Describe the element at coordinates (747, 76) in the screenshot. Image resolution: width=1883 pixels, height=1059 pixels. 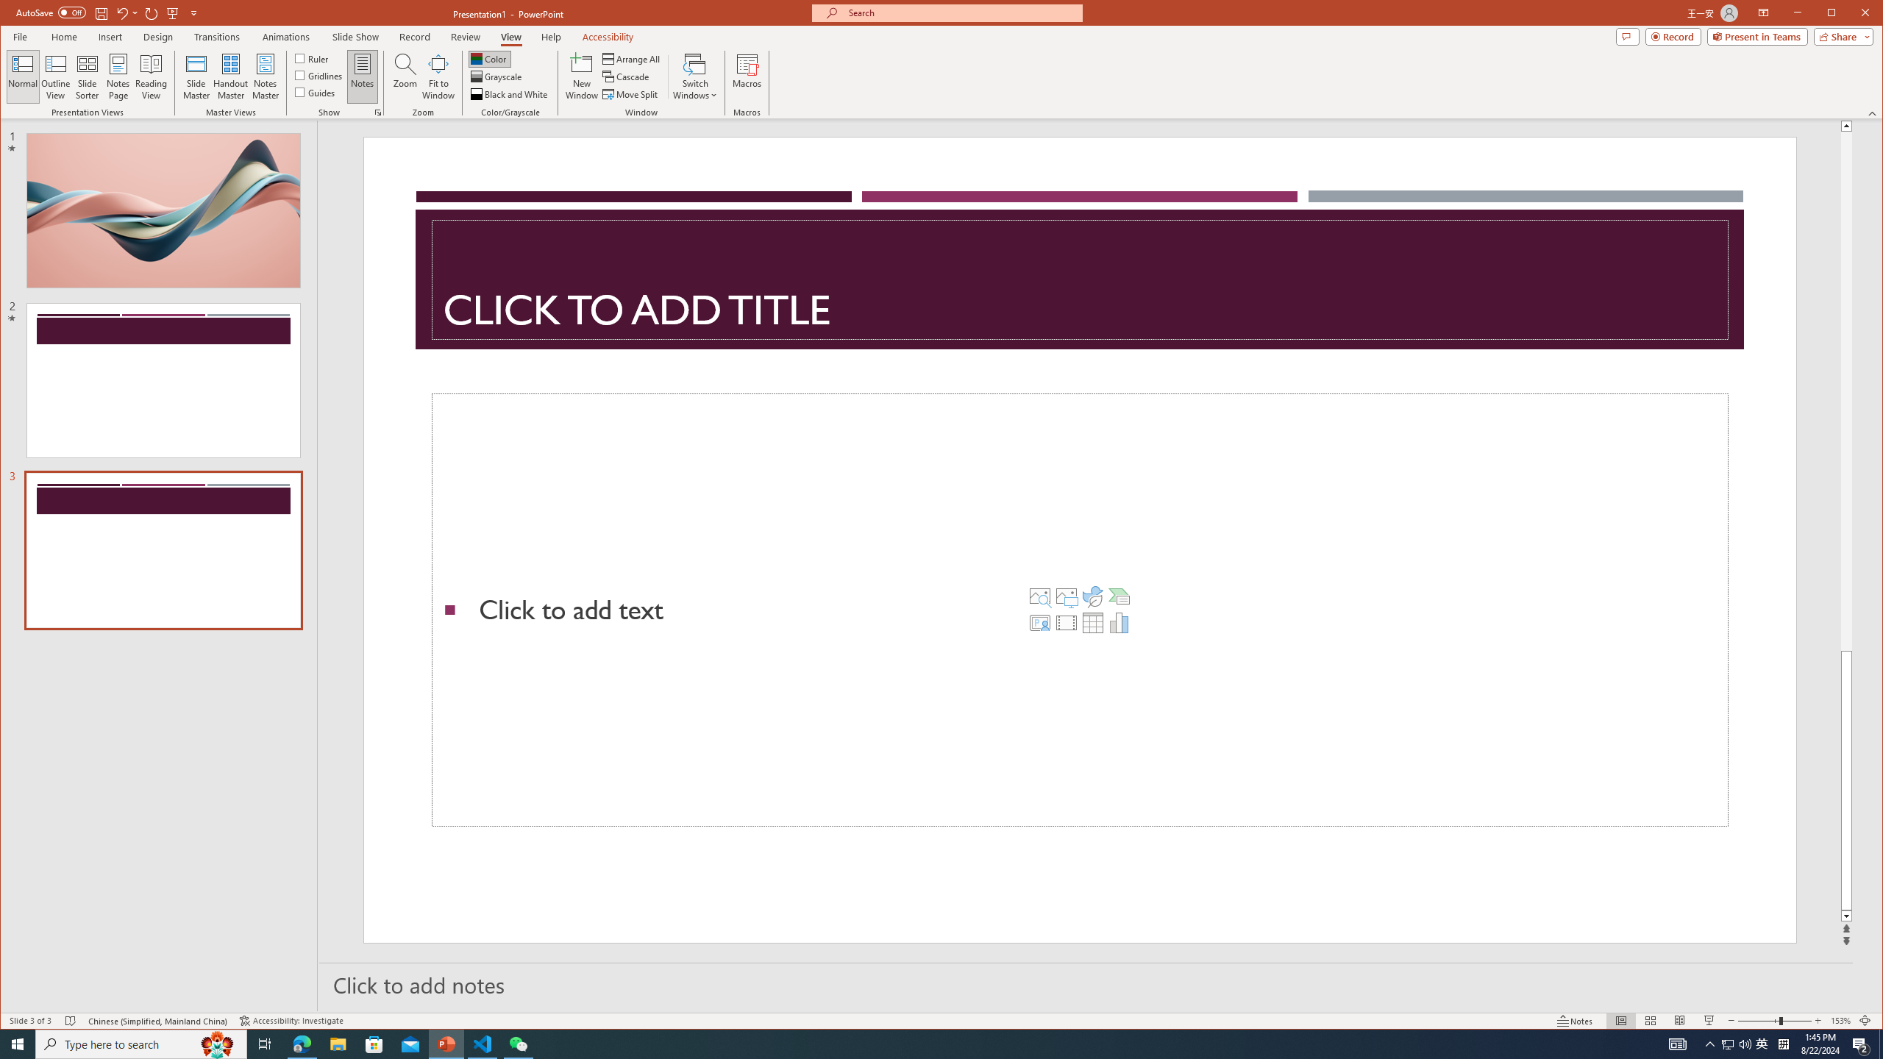
I see `'Macros'` at that location.